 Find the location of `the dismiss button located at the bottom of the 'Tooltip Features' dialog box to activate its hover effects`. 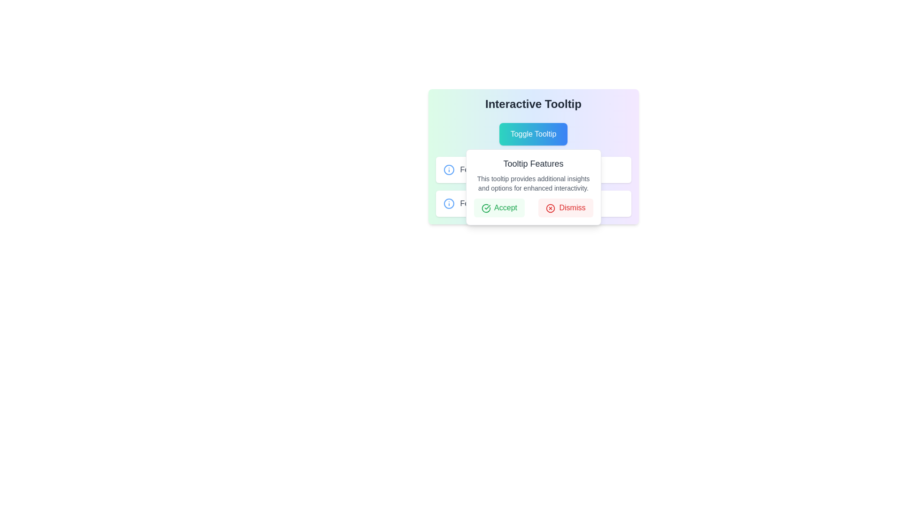

the dismiss button located at the bottom of the 'Tooltip Features' dialog box to activate its hover effects is located at coordinates (565, 207).